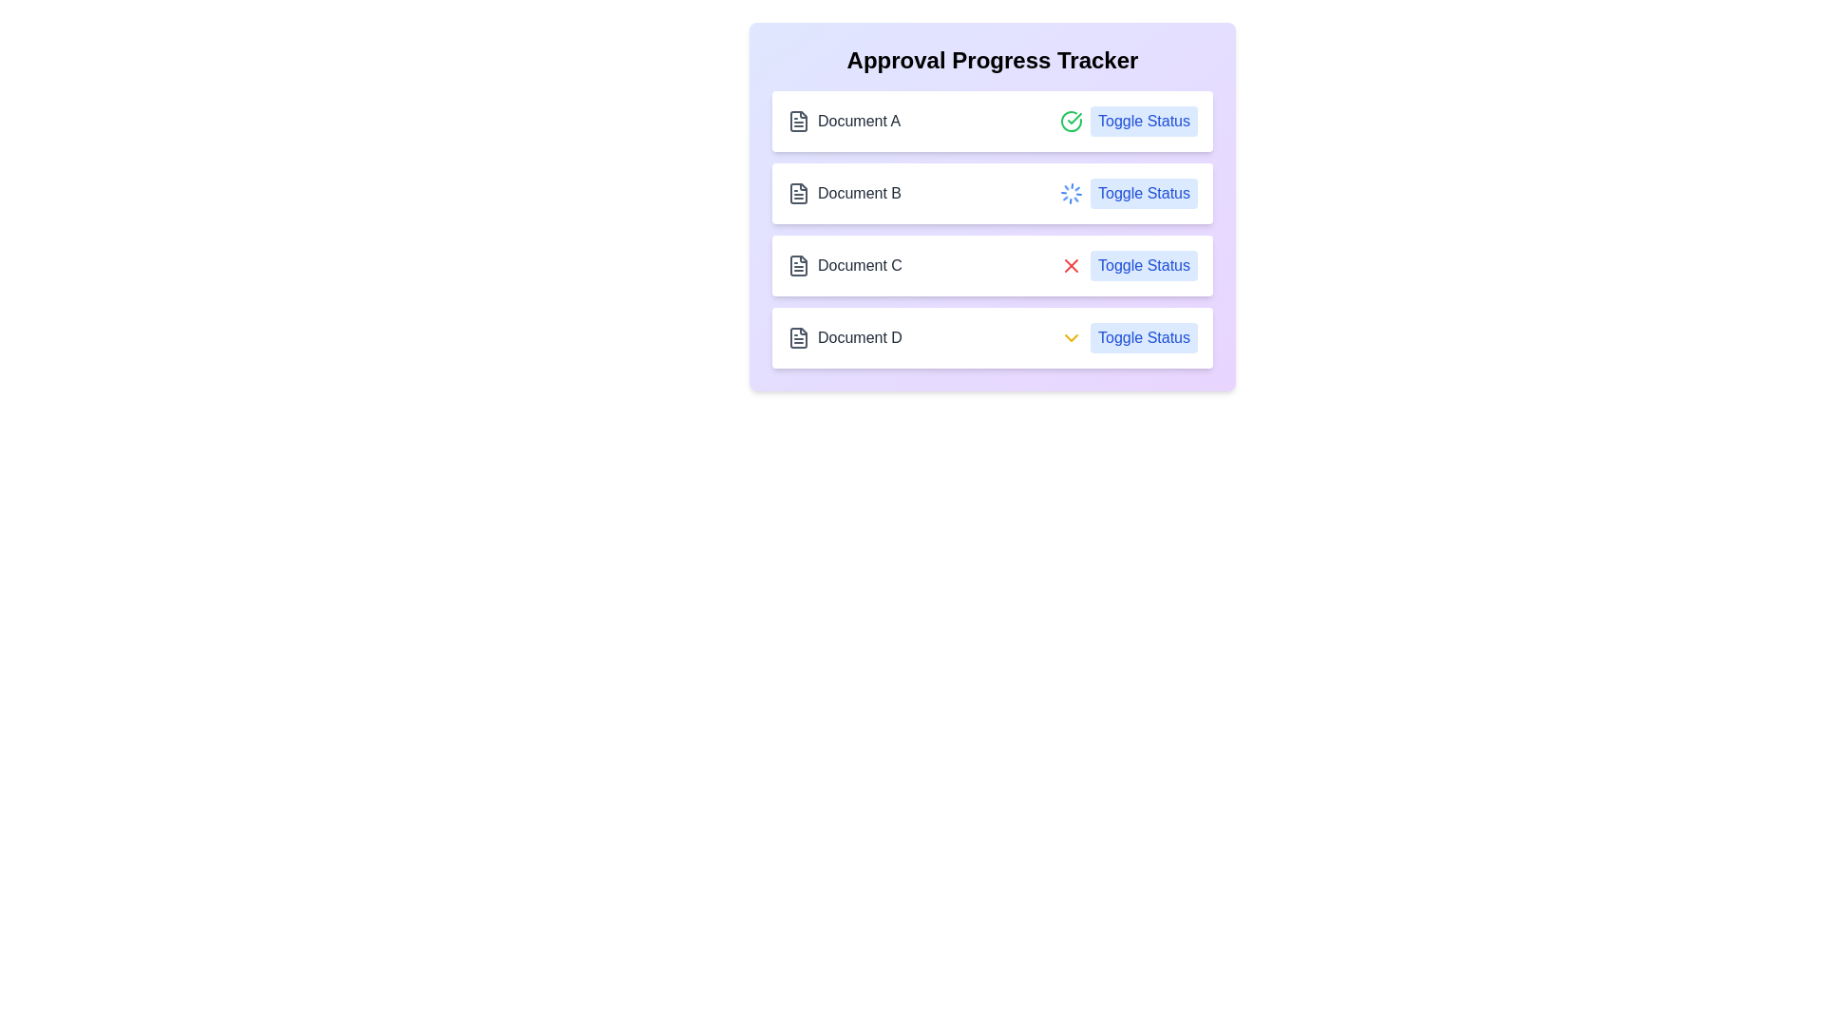 The image size is (1824, 1026). What do you see at coordinates (798, 121) in the screenshot?
I see `the icon representing 'Document A', which is located to the left of the text in the first row of the list layout` at bounding box center [798, 121].